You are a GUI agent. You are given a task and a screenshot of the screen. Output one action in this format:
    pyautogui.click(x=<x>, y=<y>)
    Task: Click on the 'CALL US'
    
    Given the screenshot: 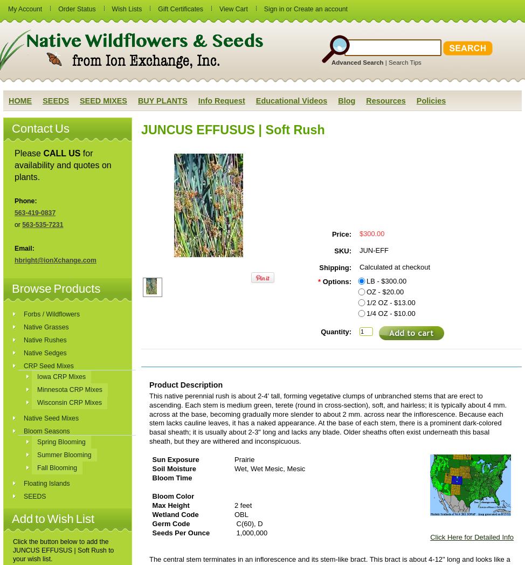 What is the action you would take?
    pyautogui.click(x=43, y=153)
    